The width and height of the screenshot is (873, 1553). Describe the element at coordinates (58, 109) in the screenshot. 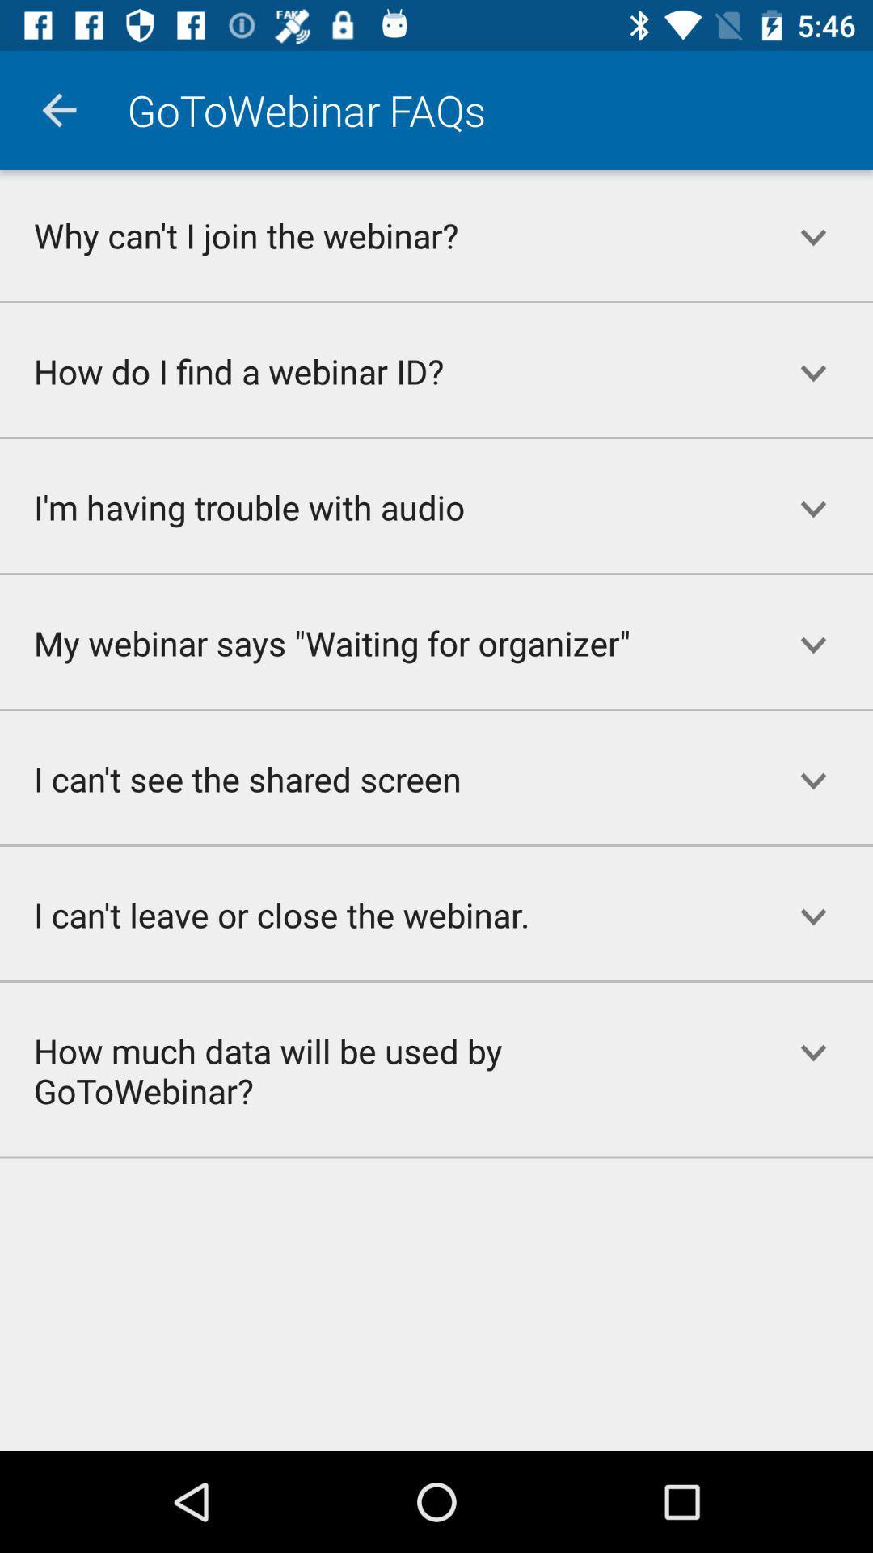

I see `item next to the gotowebinar app` at that location.